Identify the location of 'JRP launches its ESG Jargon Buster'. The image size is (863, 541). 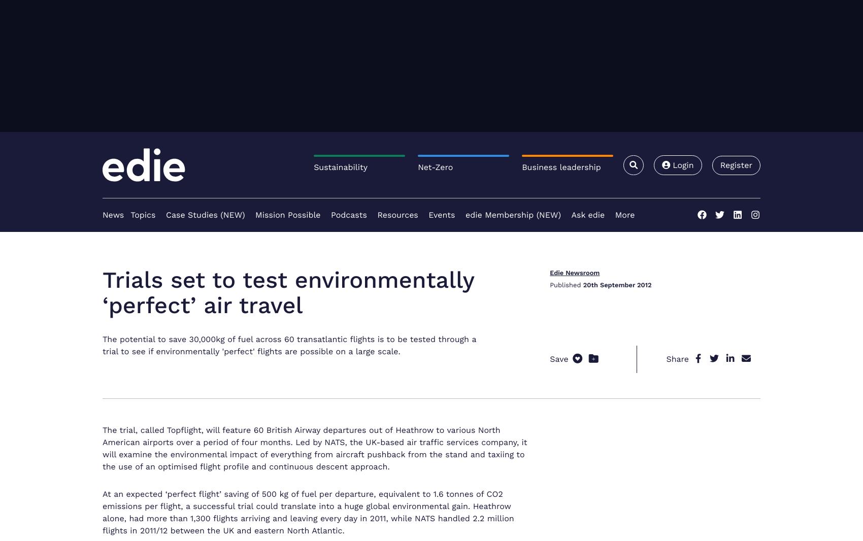
(550, 213).